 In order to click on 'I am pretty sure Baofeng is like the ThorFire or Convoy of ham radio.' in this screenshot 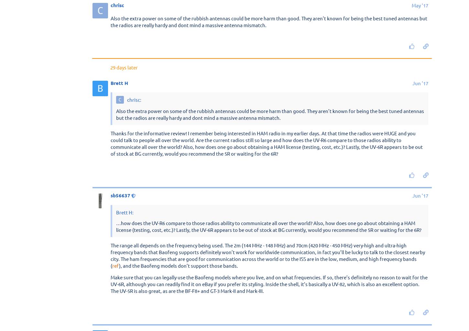, I will do `click(185, 150)`.